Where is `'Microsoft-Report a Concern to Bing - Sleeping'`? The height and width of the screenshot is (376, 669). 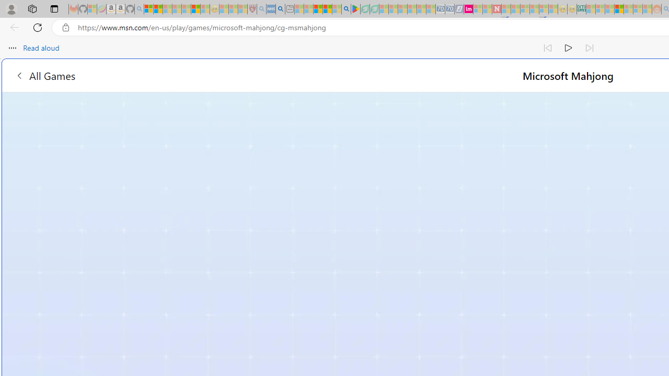 'Microsoft-Report a Concern to Bing - Sleeping' is located at coordinates (92, 9).